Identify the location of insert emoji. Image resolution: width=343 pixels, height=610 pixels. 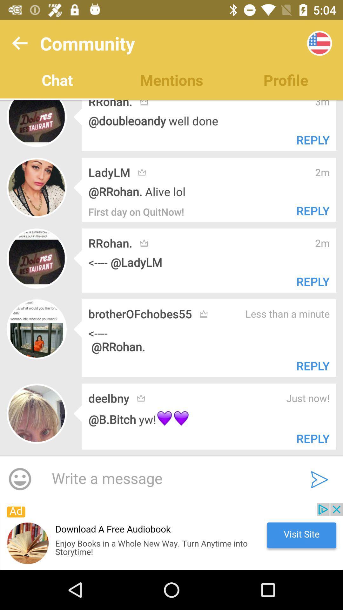
(19, 479).